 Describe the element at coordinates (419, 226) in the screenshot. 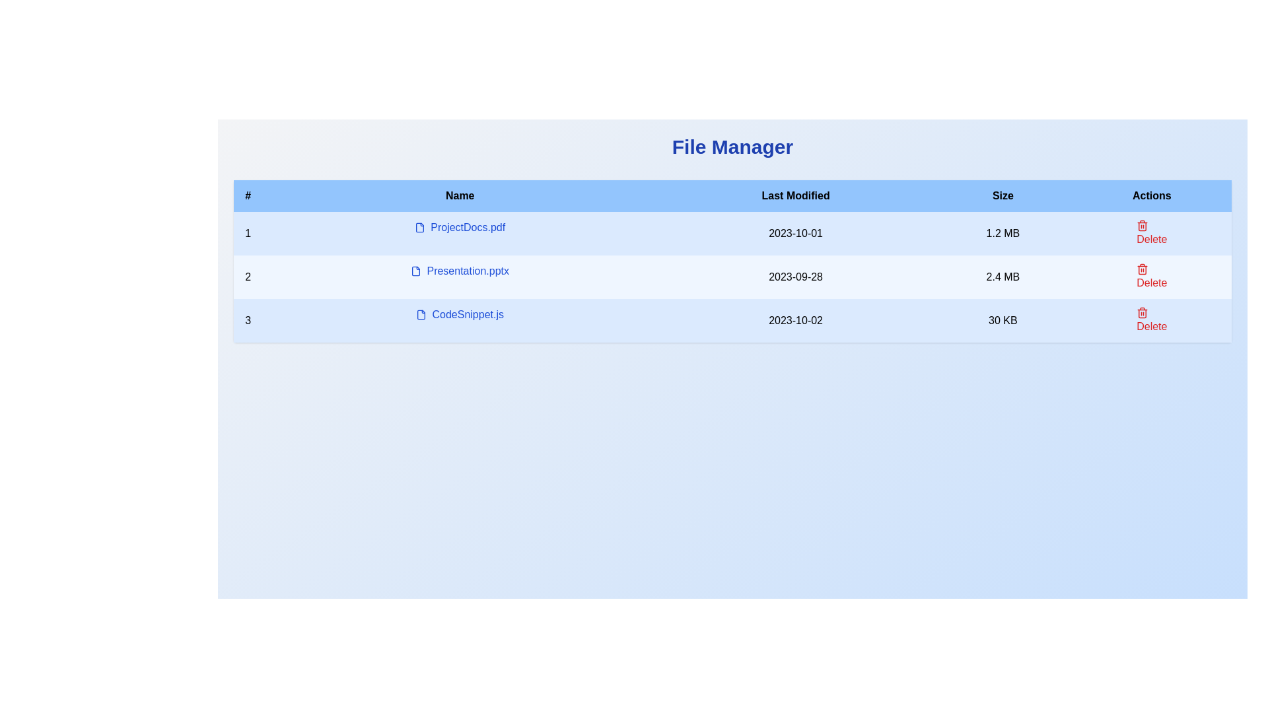

I see `the icon representing the file type for 'ProjectDocs.pdf' located in the first row of the table, adjacent to the file name text` at that location.